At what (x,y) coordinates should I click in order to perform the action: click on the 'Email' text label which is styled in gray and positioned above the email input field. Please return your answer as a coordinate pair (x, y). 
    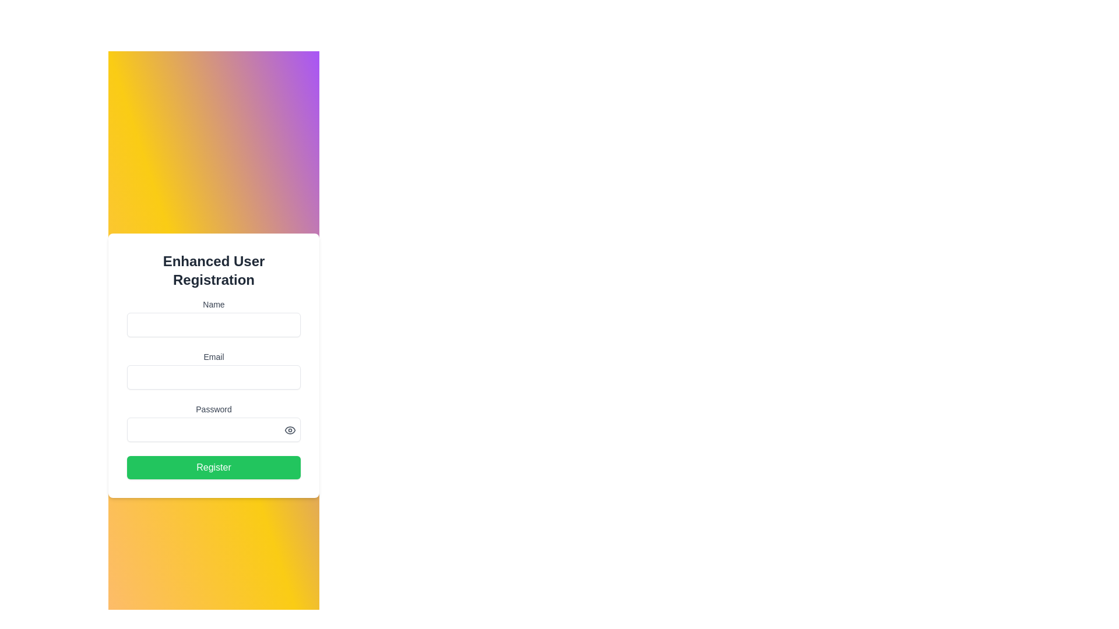
    Looking at the image, I should click on (213, 356).